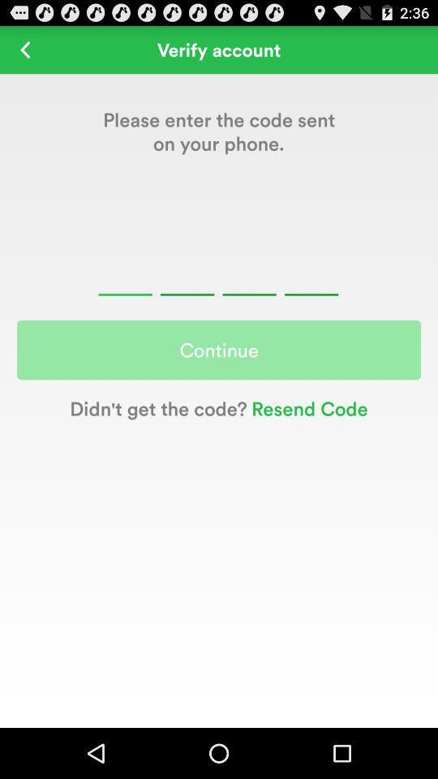 This screenshot has height=779, width=438. What do you see at coordinates (24, 49) in the screenshot?
I see `icon above the continue item` at bounding box center [24, 49].